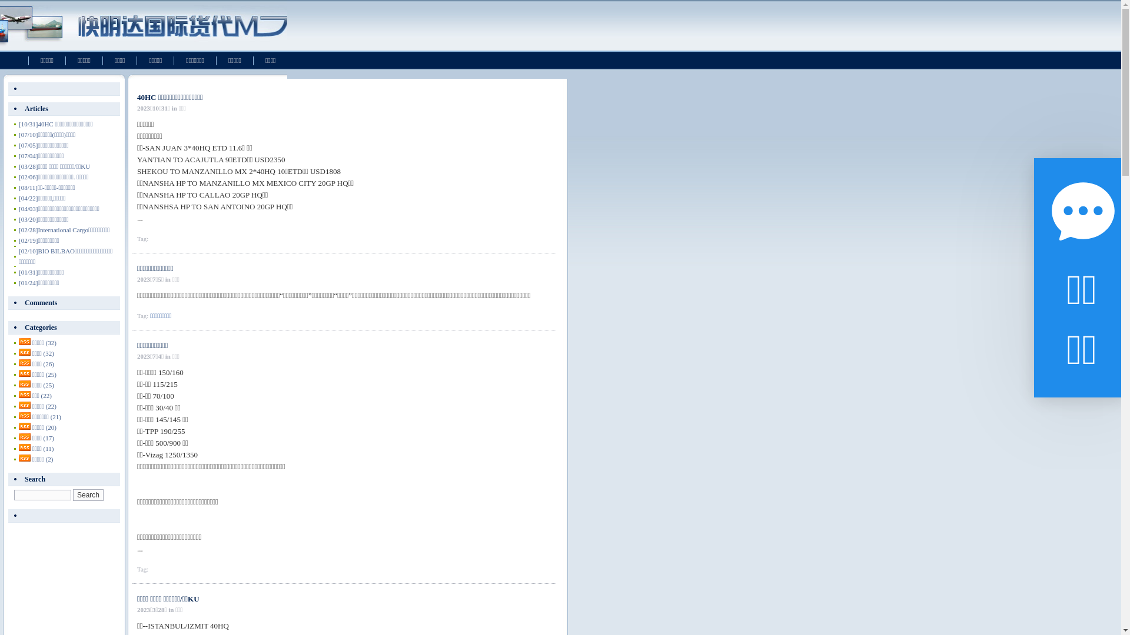 The height and width of the screenshot is (635, 1130). Describe the element at coordinates (25, 342) in the screenshot. I see `'rss'` at that location.